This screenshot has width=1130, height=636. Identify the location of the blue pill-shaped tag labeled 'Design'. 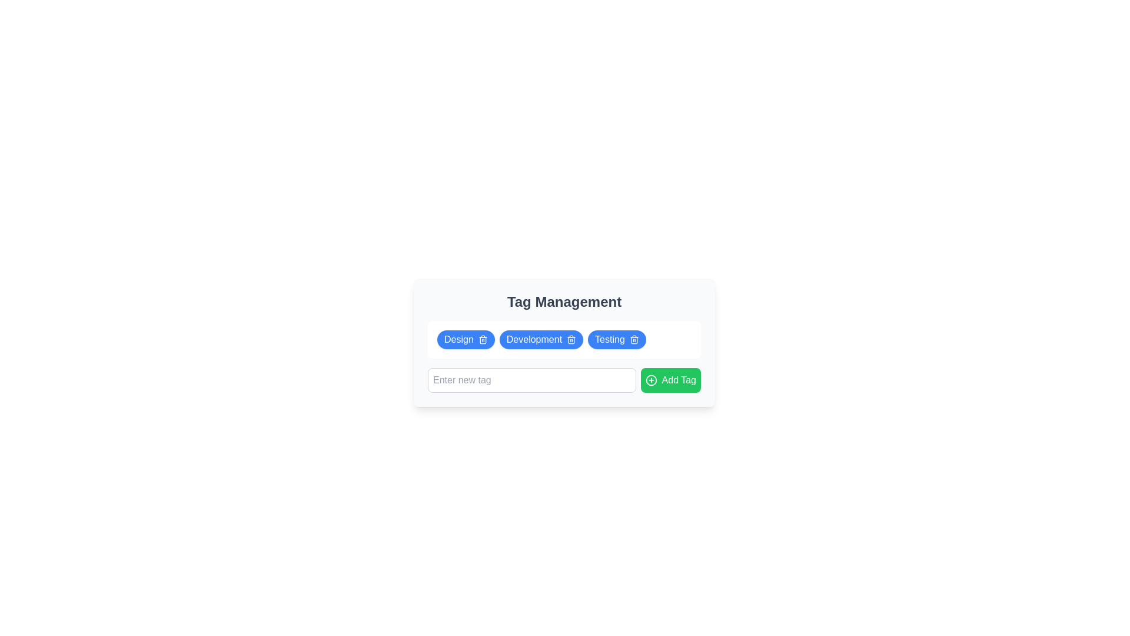
(466, 340).